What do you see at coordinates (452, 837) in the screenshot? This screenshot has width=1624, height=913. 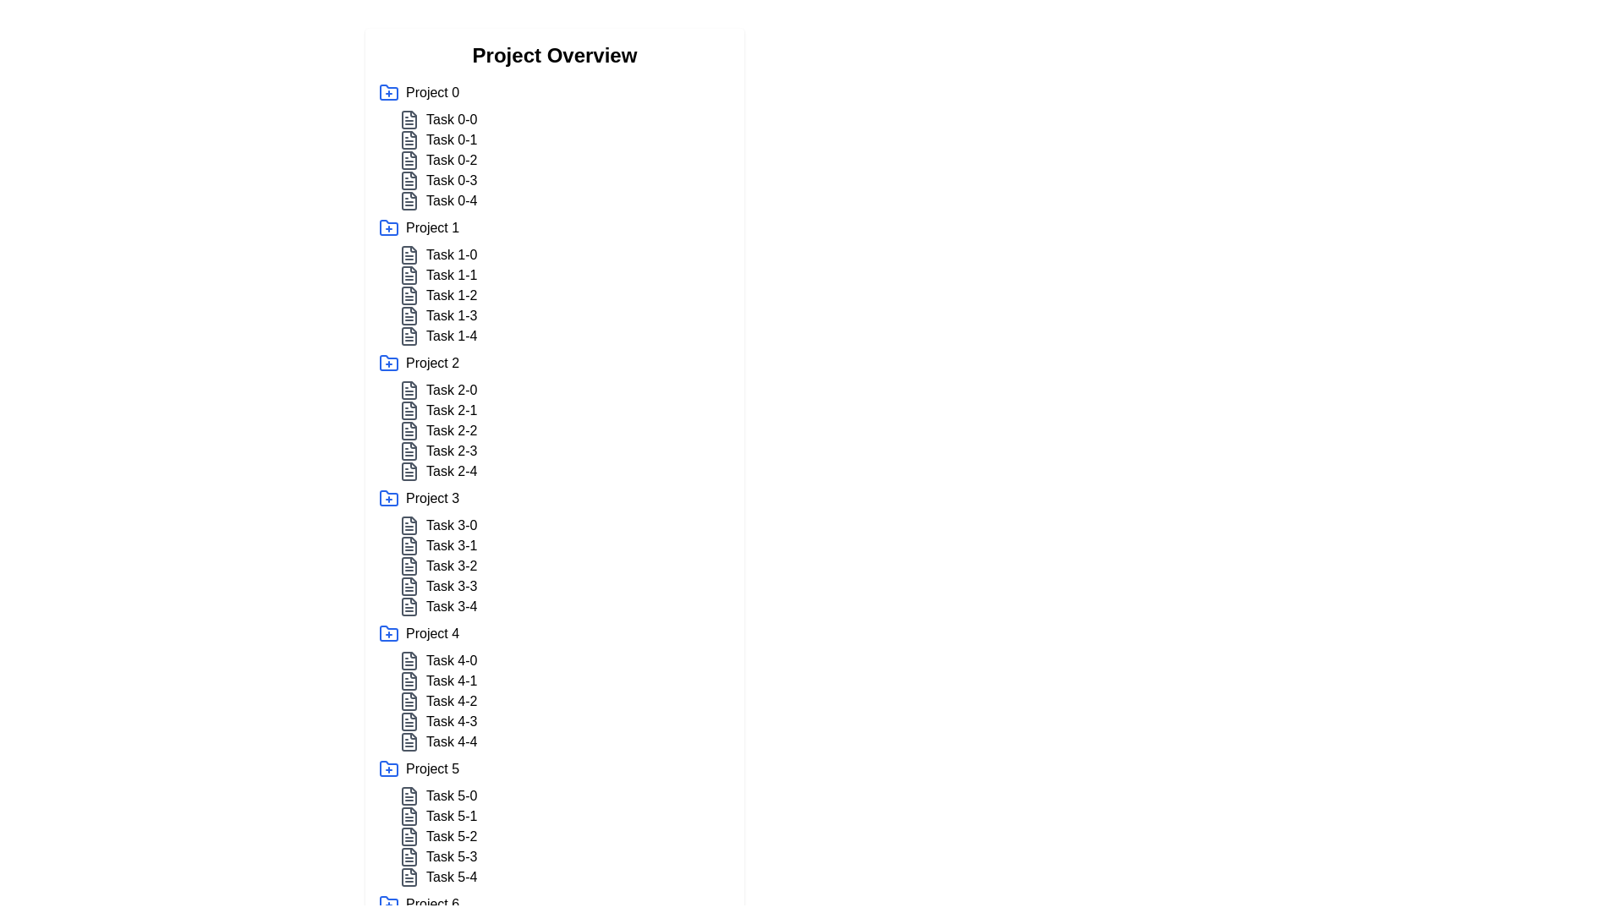 I see `the non-interactive text label for 'Task 5-2' in the detailed task list under 'Project 5'` at bounding box center [452, 837].